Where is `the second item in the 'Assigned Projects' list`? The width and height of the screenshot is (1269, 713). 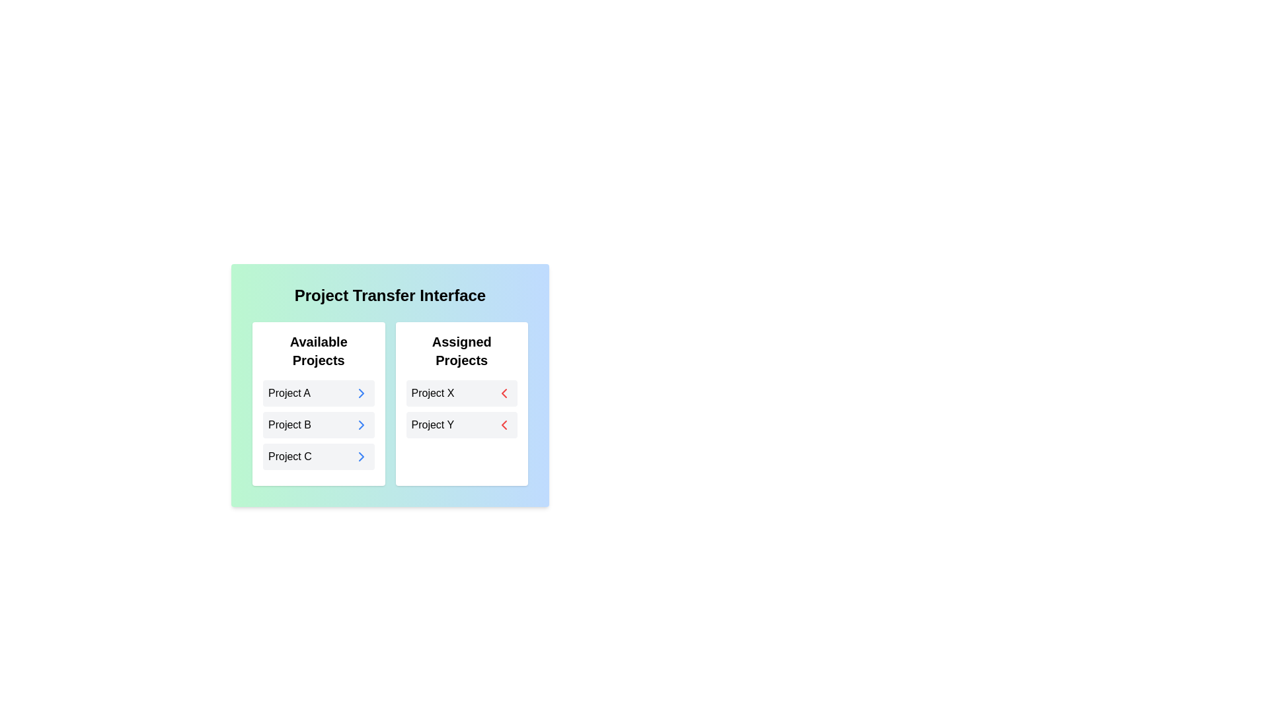
the second item in the 'Assigned Projects' list is located at coordinates (461, 425).